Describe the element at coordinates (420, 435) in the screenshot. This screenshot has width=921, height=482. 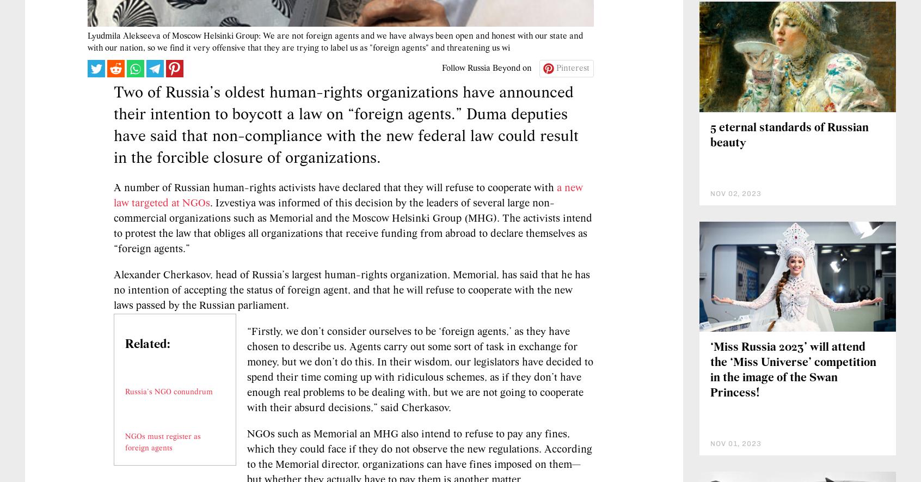
I see `'“Firstly, we don’t consider ourselves to be ‘foreign agents,’ as they have chosen to describe us. Agents carry out some sort of task in exchange for money, but we don’t do this. In their wisdom, our legislators have decided to spend their time coming up with ridiculous schemes, as if they don’t have enough real problems to be dealing with, but we are not going to cooperate with their absurd decisions,” said Cherkasov.'` at that location.